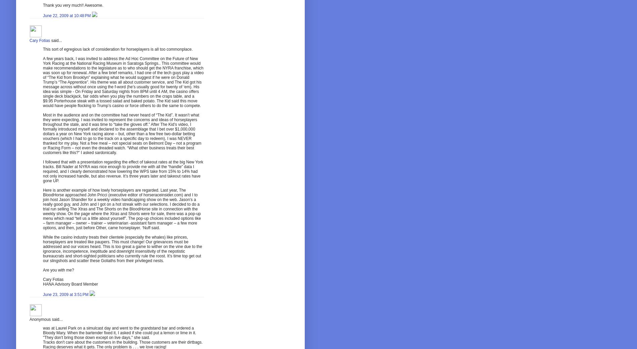 This screenshot has height=349, width=637. I want to click on 'Here is another example of how lowly horseplayers are regarded. Last year, The BloodHorse approached John Pricci (executive editor of horseraceinsider.com) and I to join host Jason Shandler for a weekly video handicapping show on the web.  Jason’s a really good guy, and John and I got on a hot streak with our selections.  I decided to do a trial run selling The Xtras and The Shorts on the BloodHorse site in connection with the weekly show.  On the page where the Xtras and Shorts were for sale, there was a pop-up menu which read “tell us a little about yourself”.  The pop-up choices included options like – farm manager – owner – trainer – veterinarian -assistant farm manager – a few more options, and then, just before Other, came horseplayer.  ‘Nuff said.', so click(122, 208).